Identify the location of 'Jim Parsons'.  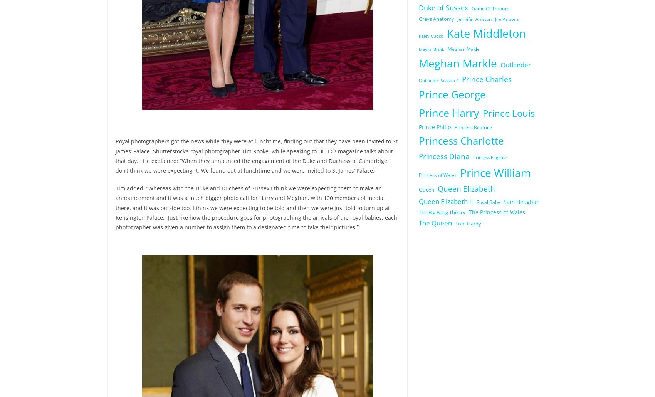
(507, 19).